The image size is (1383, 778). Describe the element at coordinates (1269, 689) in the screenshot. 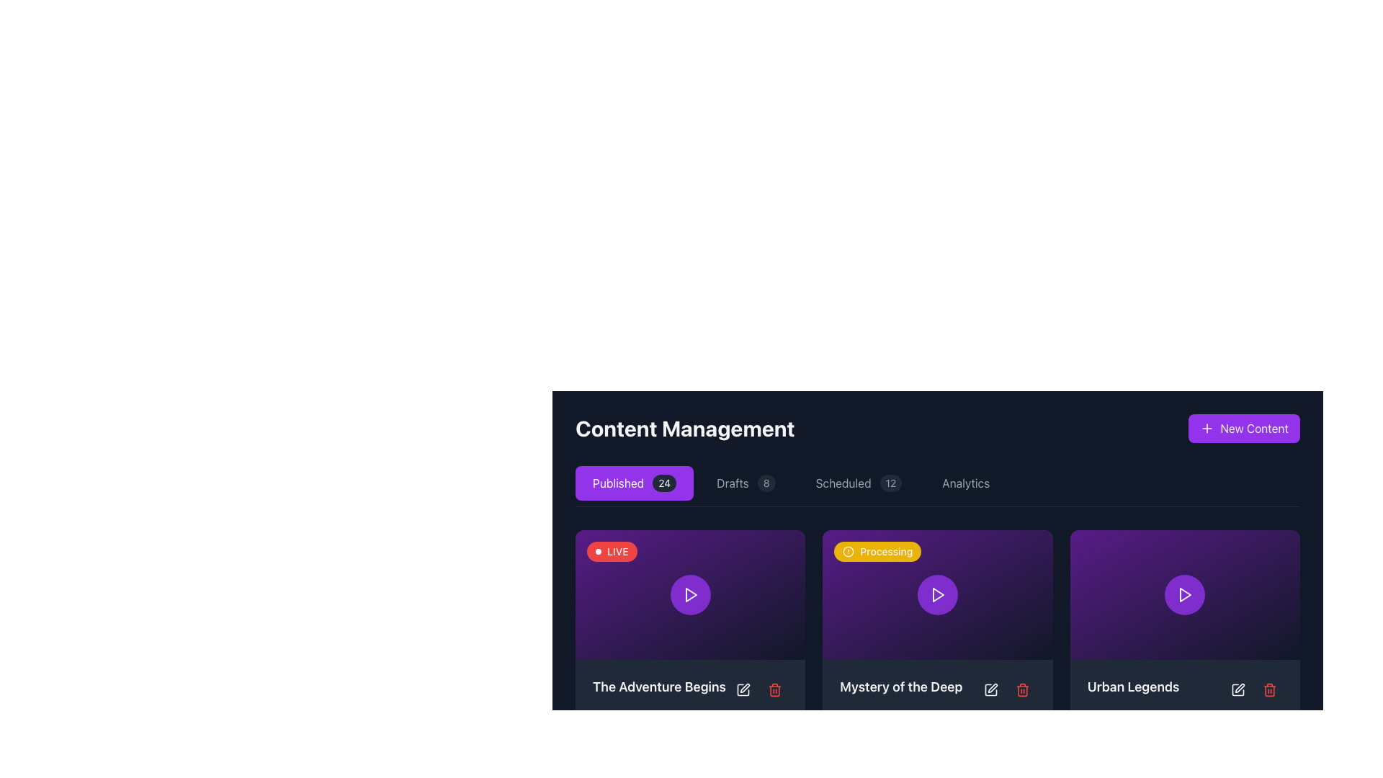

I see `the red trash icon button located at the bottom-right corner of the 'Urban Legends' card in the 'Content Management' section, which signifies a delete action` at that location.